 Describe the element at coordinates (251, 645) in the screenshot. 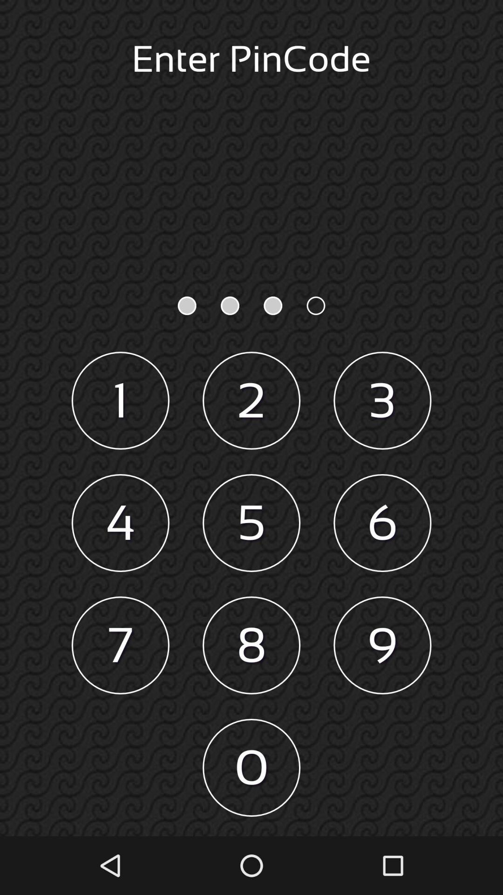

I see `item to the right of 7 item` at that location.